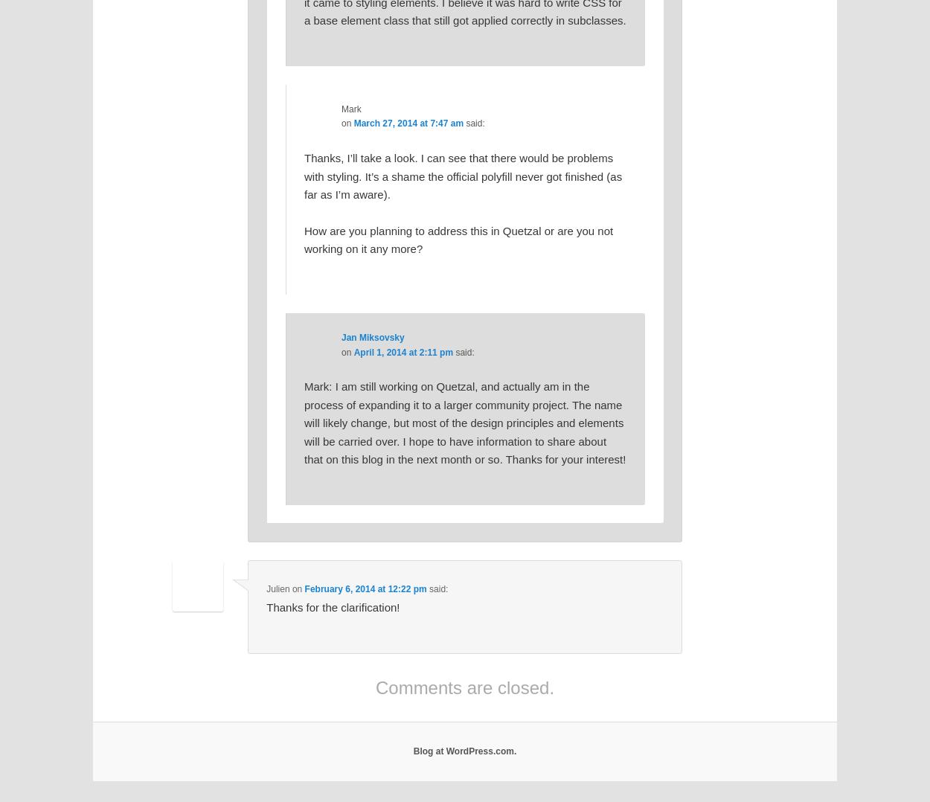 The height and width of the screenshot is (802, 930). What do you see at coordinates (350, 108) in the screenshot?
I see `'Mark'` at bounding box center [350, 108].